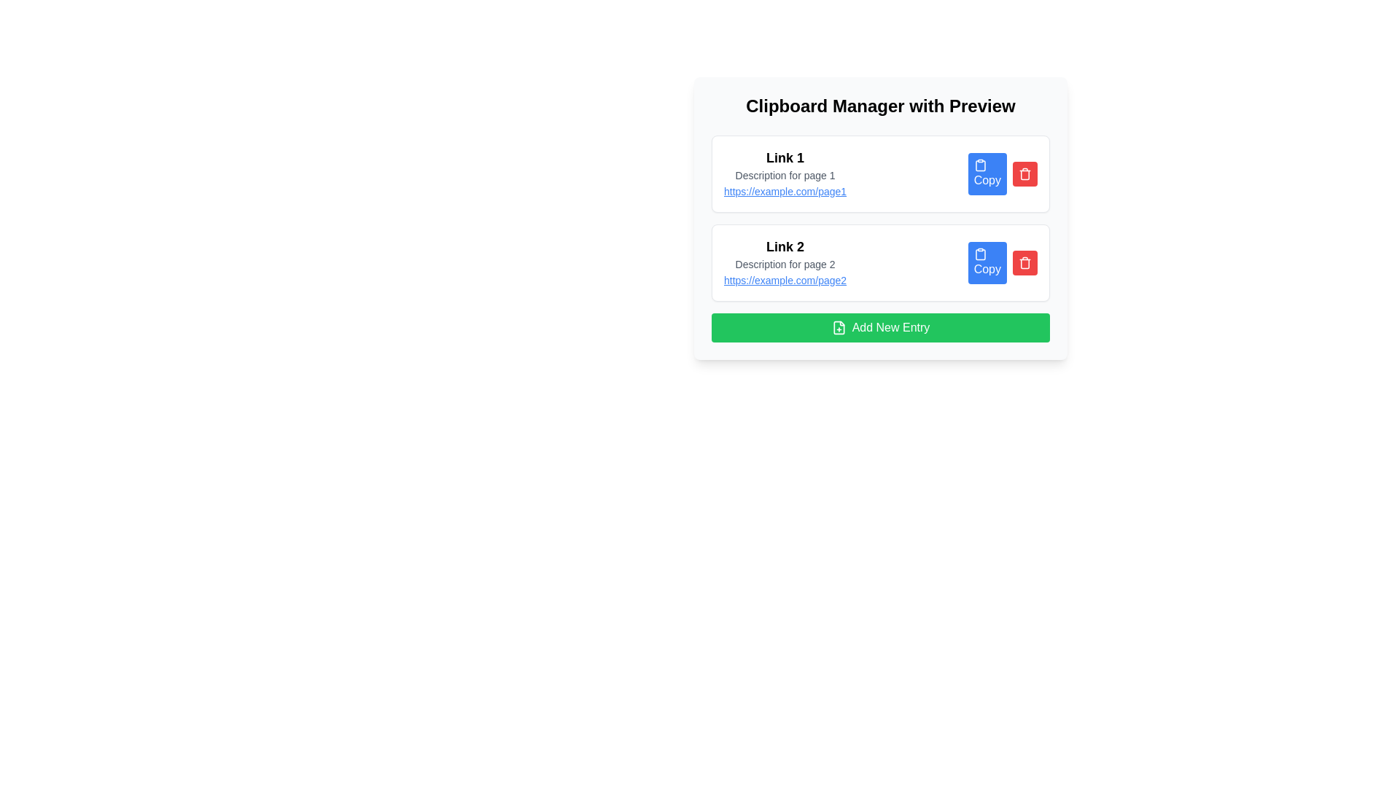 This screenshot has width=1400, height=787. Describe the element at coordinates (1024, 263) in the screenshot. I see `the delete button located to the right of the blue 'Copy' button in the second entry of the listed items` at that location.